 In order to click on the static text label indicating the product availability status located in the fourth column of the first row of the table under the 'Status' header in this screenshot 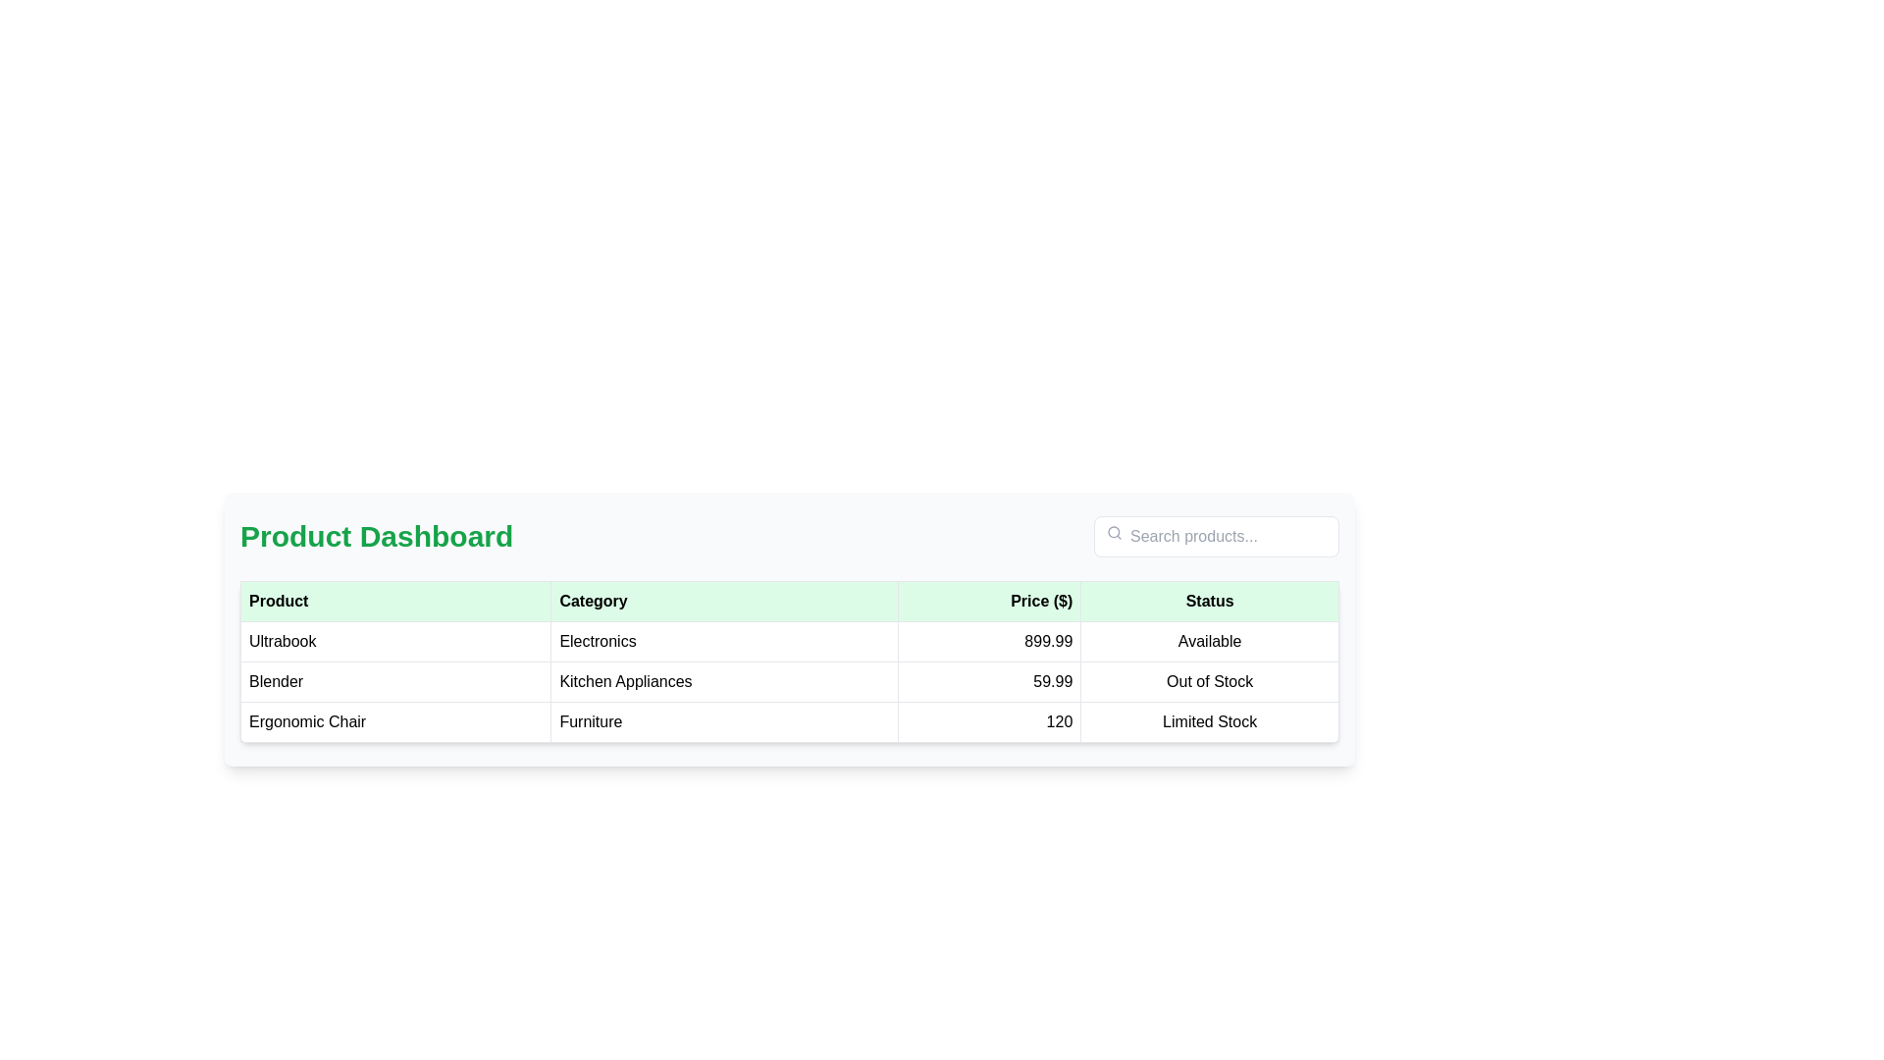, I will do `click(1209, 642)`.